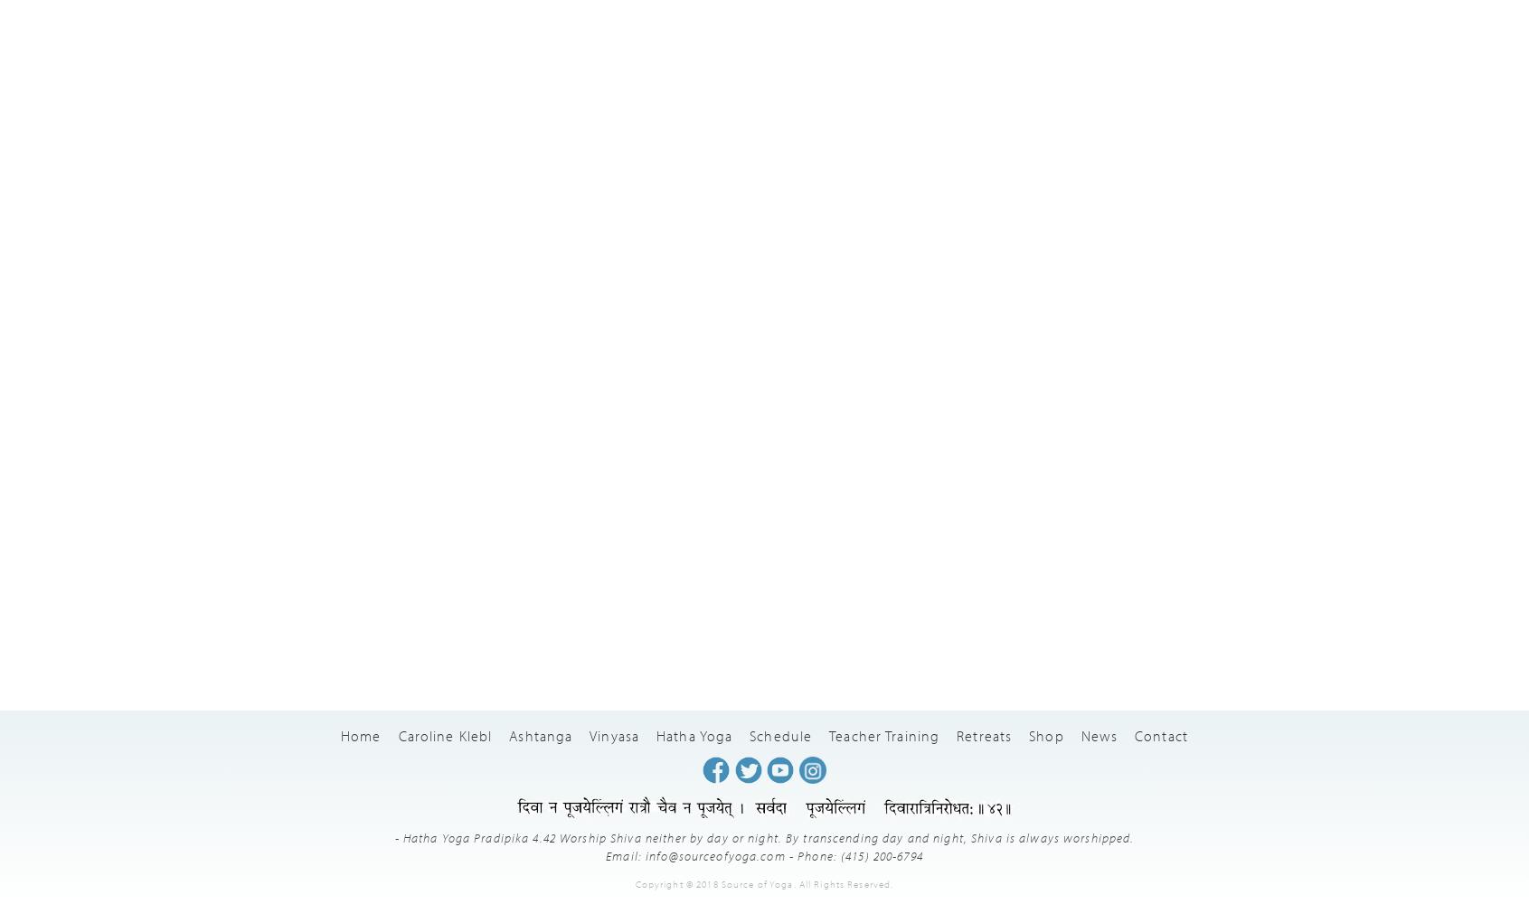 This screenshot has width=1529, height=904. What do you see at coordinates (694, 734) in the screenshot?
I see `'Hatha Yoga'` at bounding box center [694, 734].